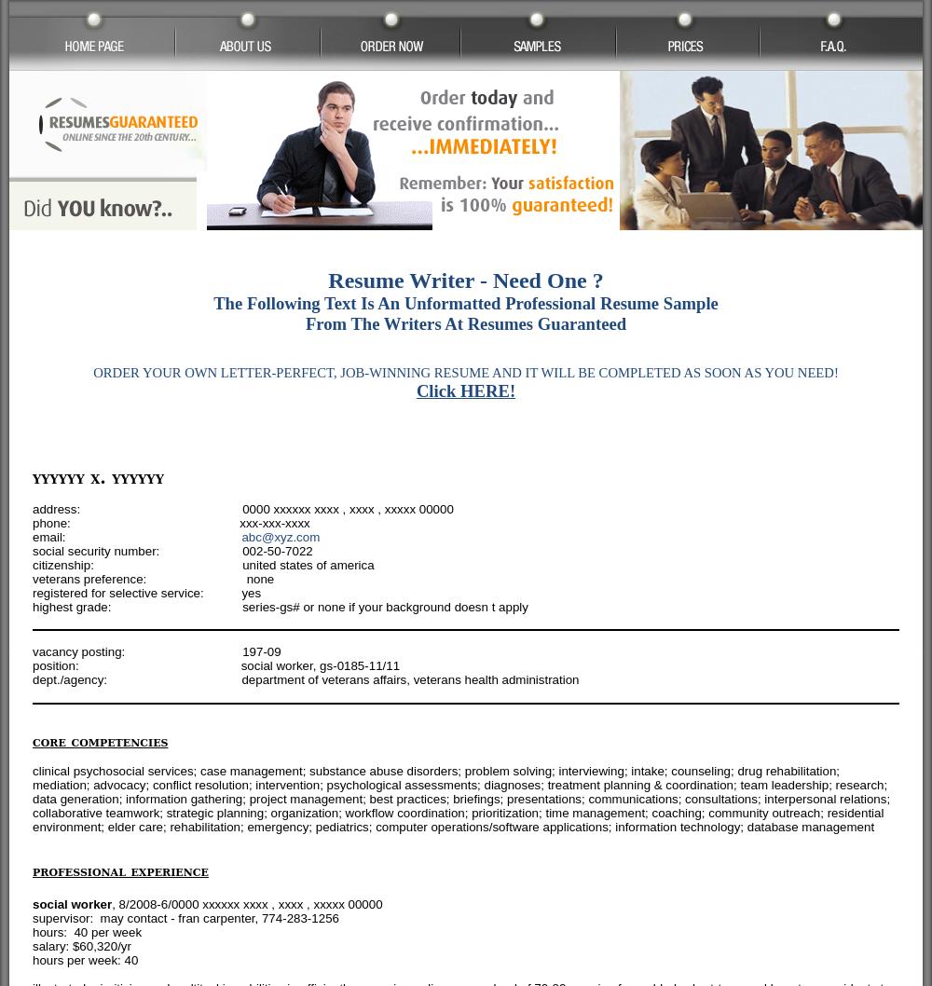 Image resolution: width=932 pixels, height=986 pixels. Describe the element at coordinates (97, 475) in the screenshot. I see `'yyyyyy x. yyyyyy'` at that location.